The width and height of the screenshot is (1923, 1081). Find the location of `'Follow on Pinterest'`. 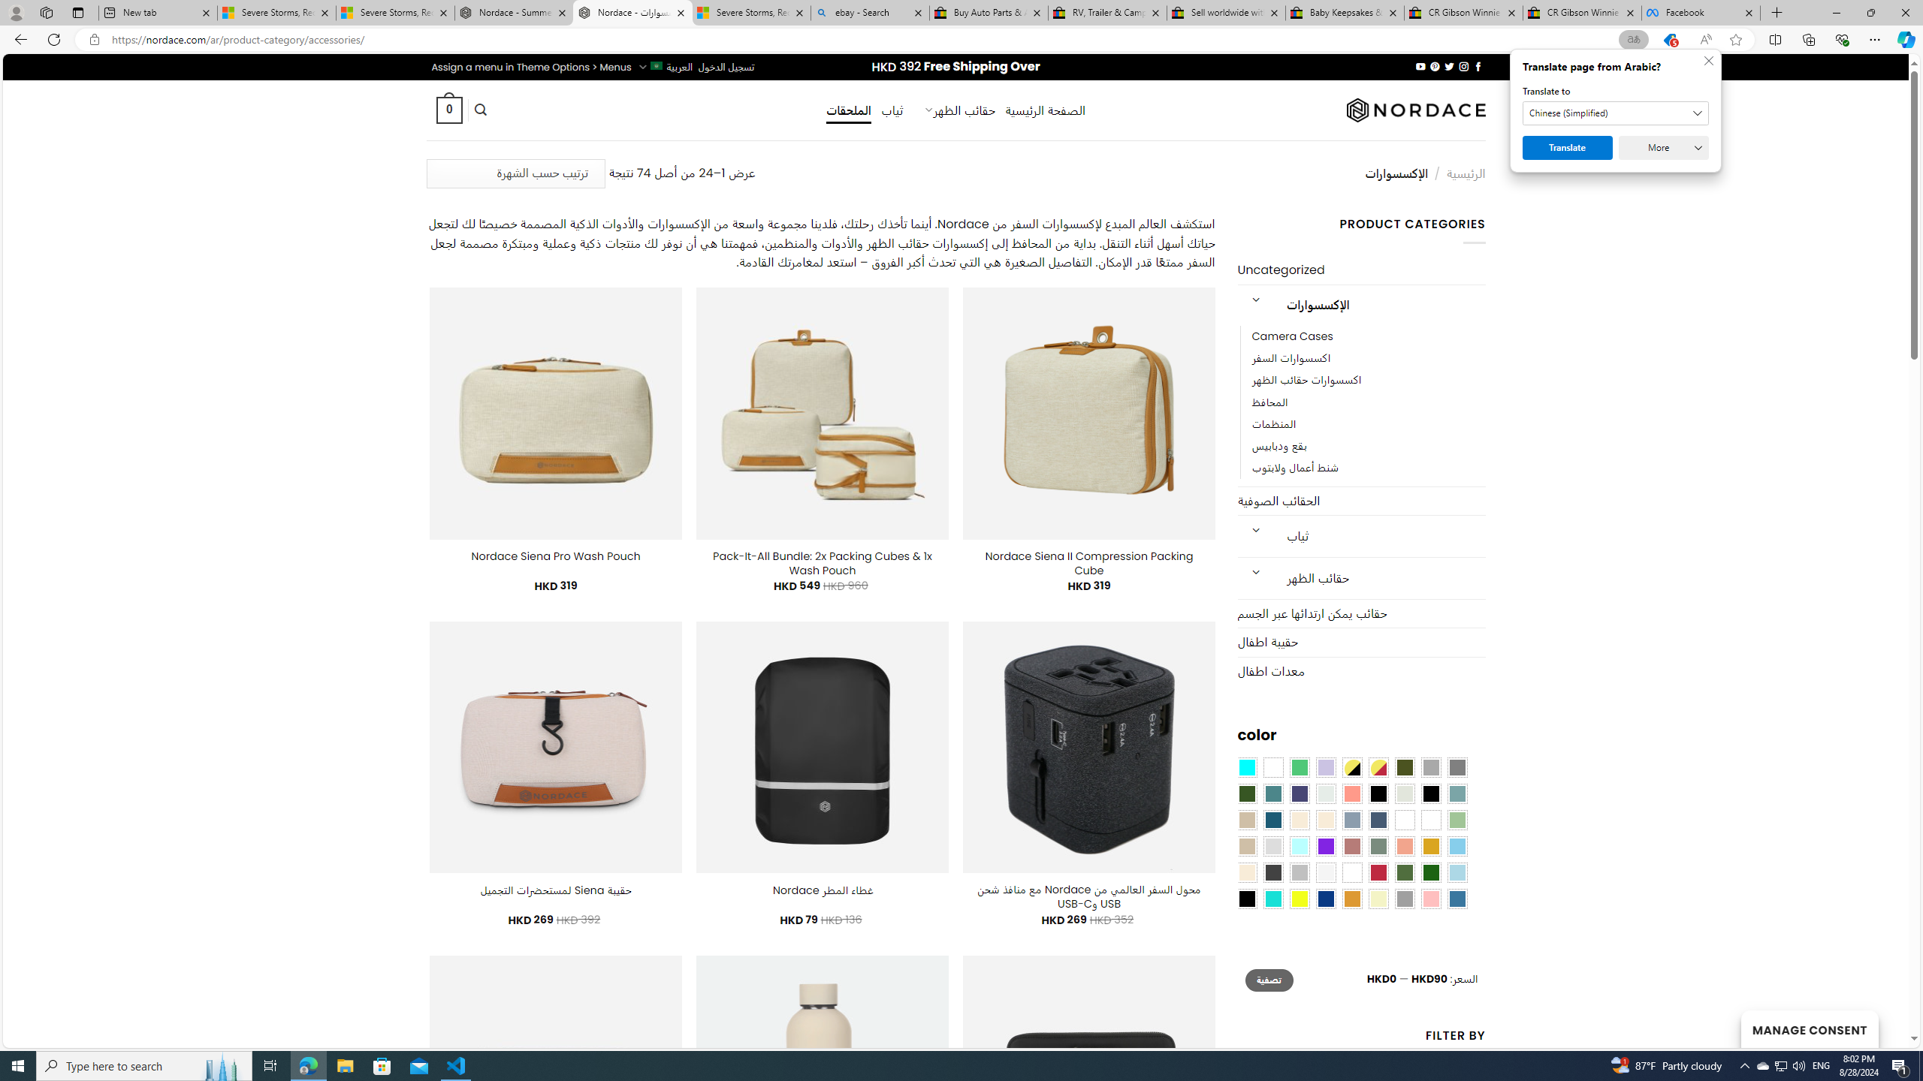

'Follow on Pinterest' is located at coordinates (1435, 66).